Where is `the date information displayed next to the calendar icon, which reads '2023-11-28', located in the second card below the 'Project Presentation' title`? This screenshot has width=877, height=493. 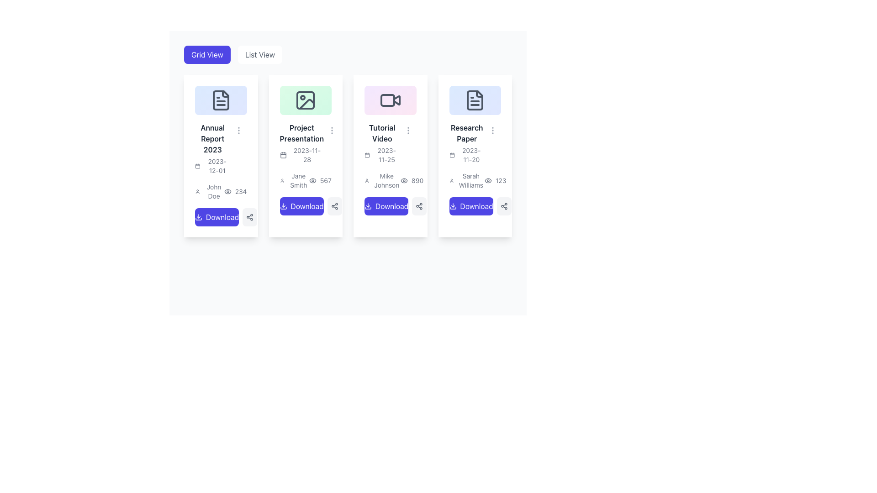 the date information displayed next to the calendar icon, which reads '2023-11-28', located in the second card below the 'Project Presentation' title is located at coordinates (301, 154).